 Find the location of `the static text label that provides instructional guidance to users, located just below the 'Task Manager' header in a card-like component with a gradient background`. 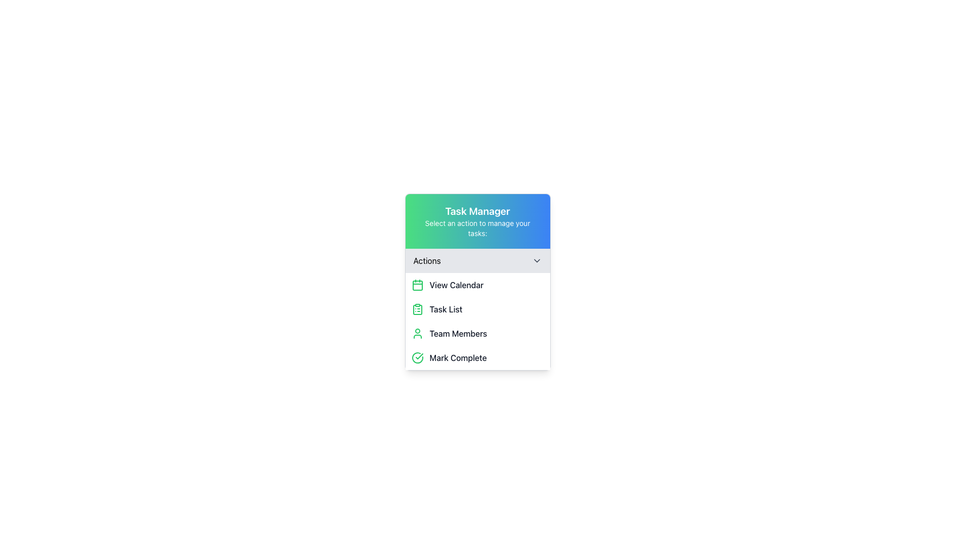

the static text label that provides instructional guidance to users, located just below the 'Task Manager' header in a card-like component with a gradient background is located at coordinates (477, 228).